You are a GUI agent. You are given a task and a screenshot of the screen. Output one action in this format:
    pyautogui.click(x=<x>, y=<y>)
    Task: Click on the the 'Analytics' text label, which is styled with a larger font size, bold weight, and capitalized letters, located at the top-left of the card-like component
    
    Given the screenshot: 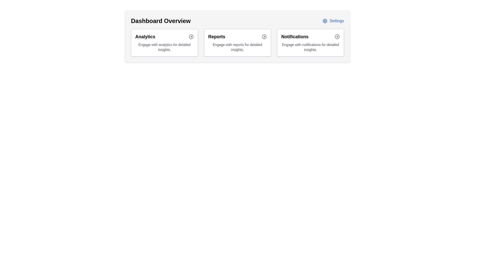 What is the action you would take?
    pyautogui.click(x=145, y=36)
    